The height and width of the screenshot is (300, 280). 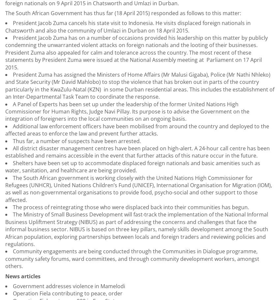 I want to click on 'were issued at the National Assembly meeting at  Parliament on 17 April 2015.', so click(x=133, y=63).